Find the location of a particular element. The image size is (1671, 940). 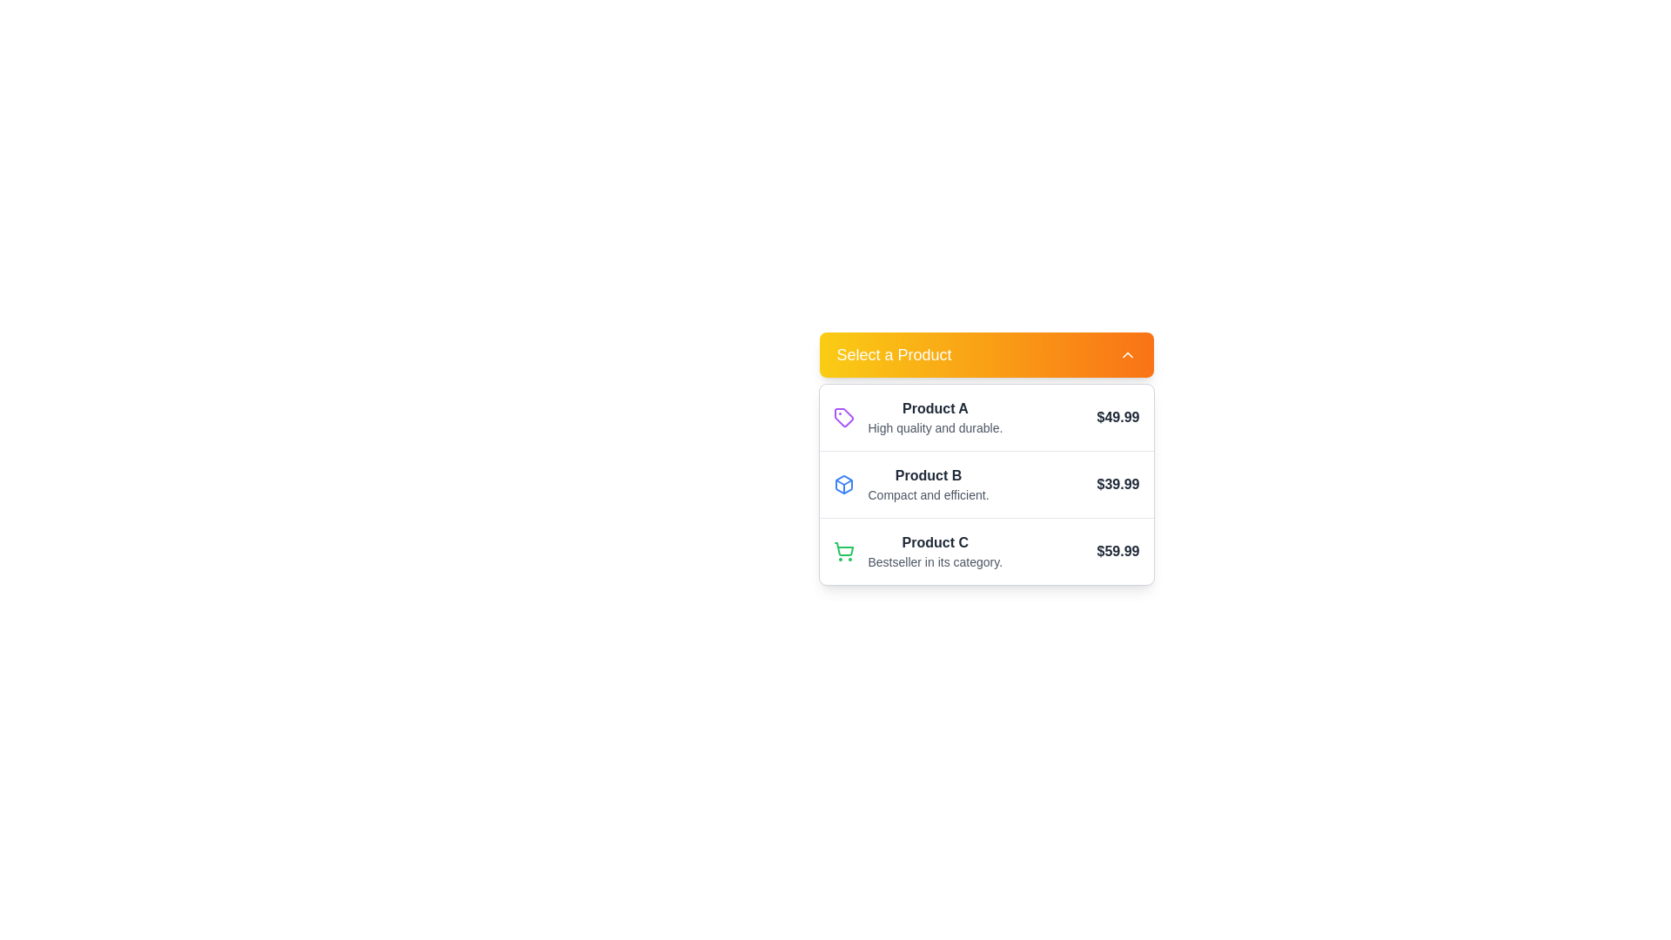

the static text element displaying the price of 'Product A', which is located at the rightmost side of the product row is located at coordinates (1118, 417).